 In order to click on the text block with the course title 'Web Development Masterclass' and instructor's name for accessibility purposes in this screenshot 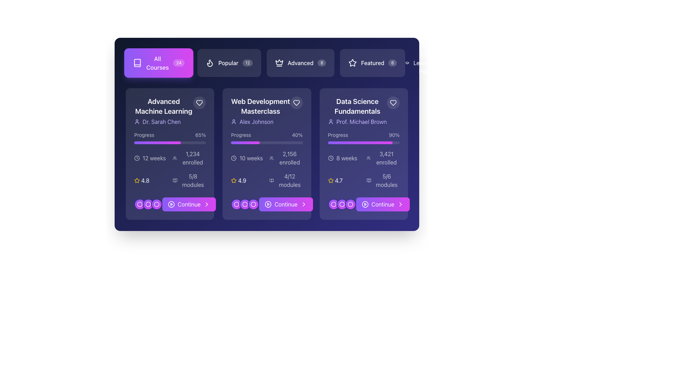, I will do `click(266, 111)`.